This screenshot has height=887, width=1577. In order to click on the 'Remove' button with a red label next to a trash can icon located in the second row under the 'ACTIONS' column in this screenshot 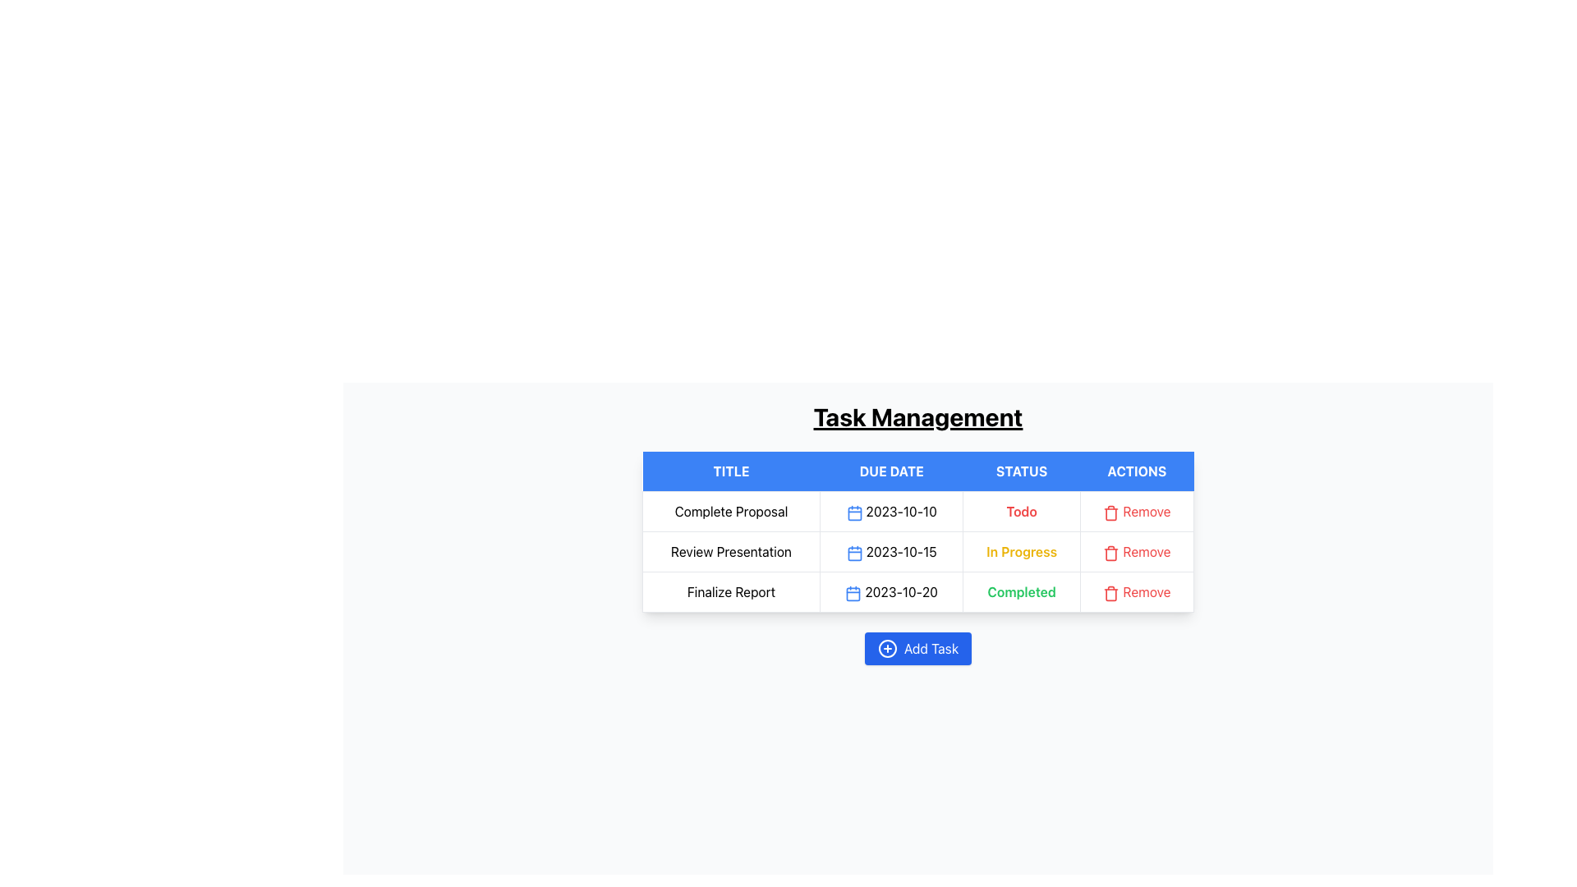, I will do `click(1135, 551)`.